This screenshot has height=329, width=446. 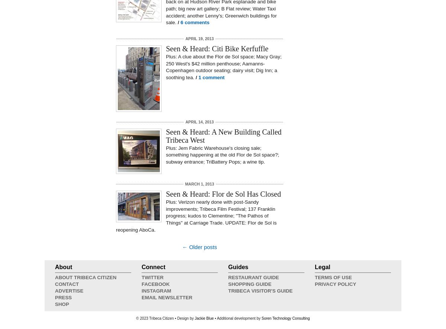 What do you see at coordinates (314, 277) in the screenshot?
I see `'Terms of Use'` at bounding box center [314, 277].